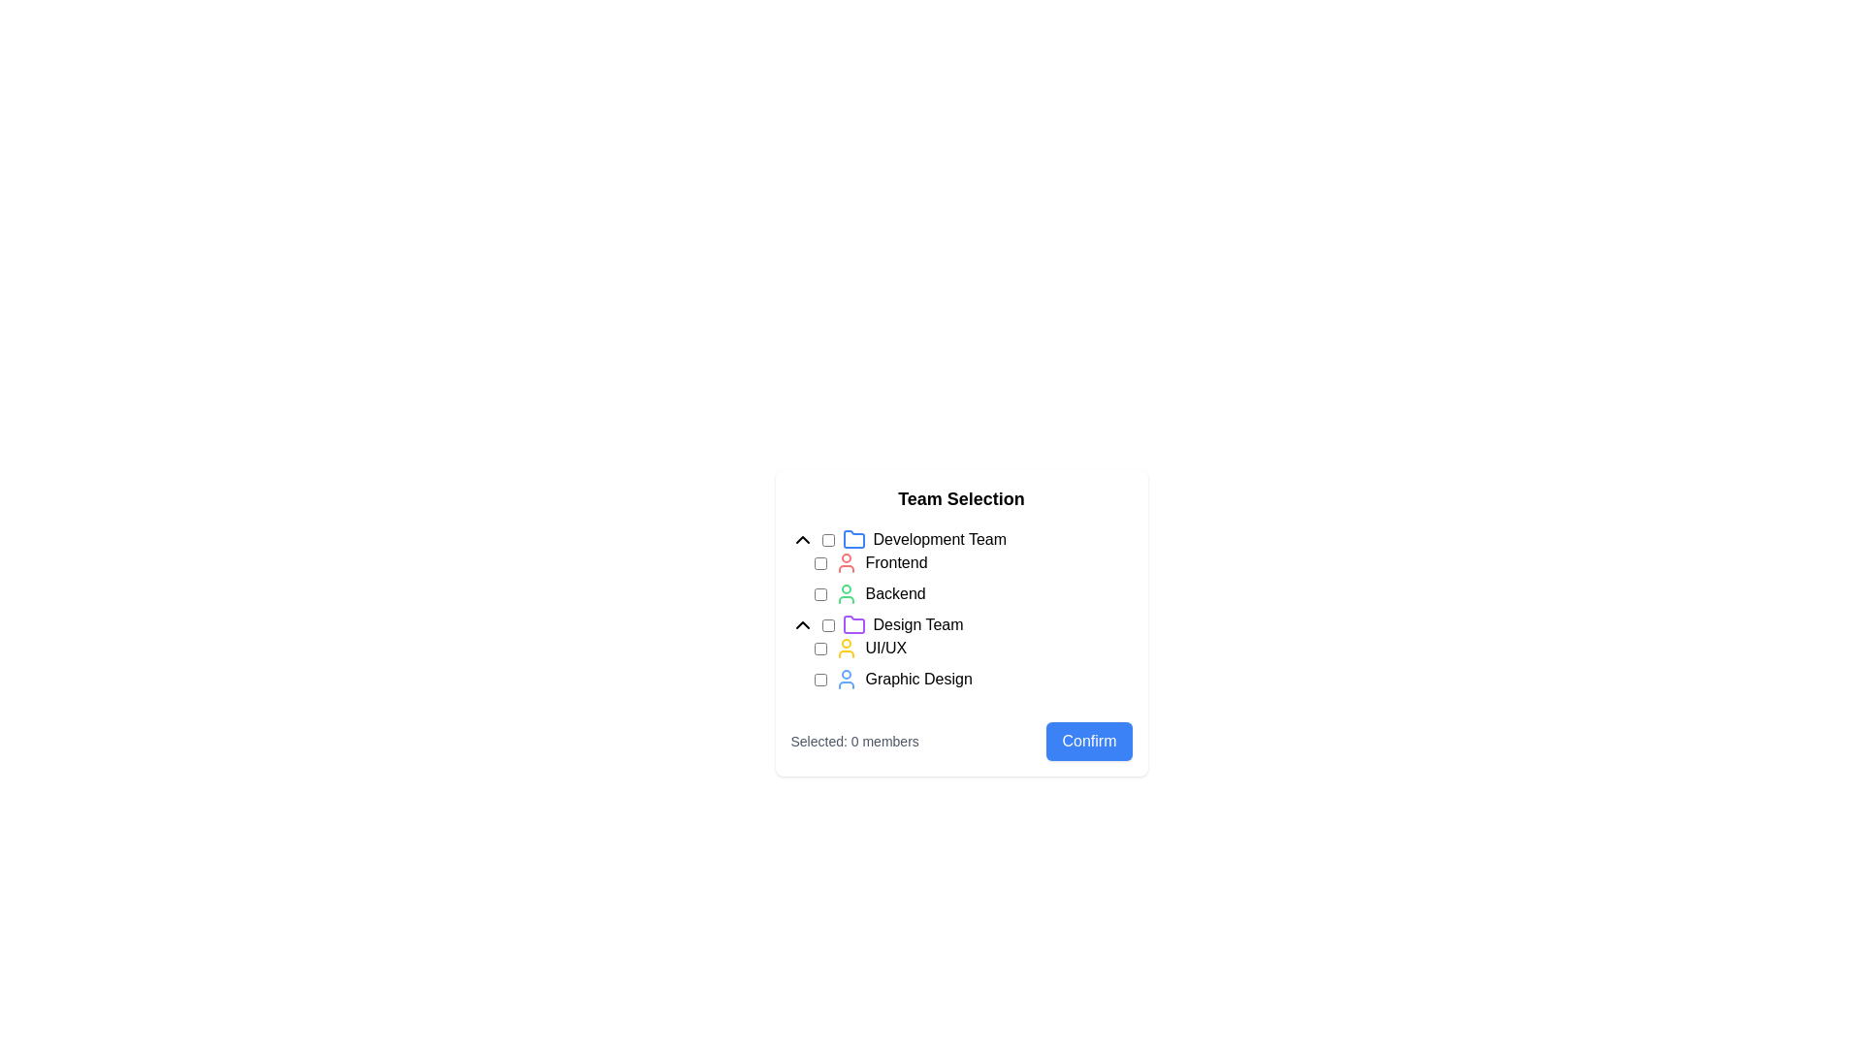  I want to click on the chevron icon, so click(802, 539).